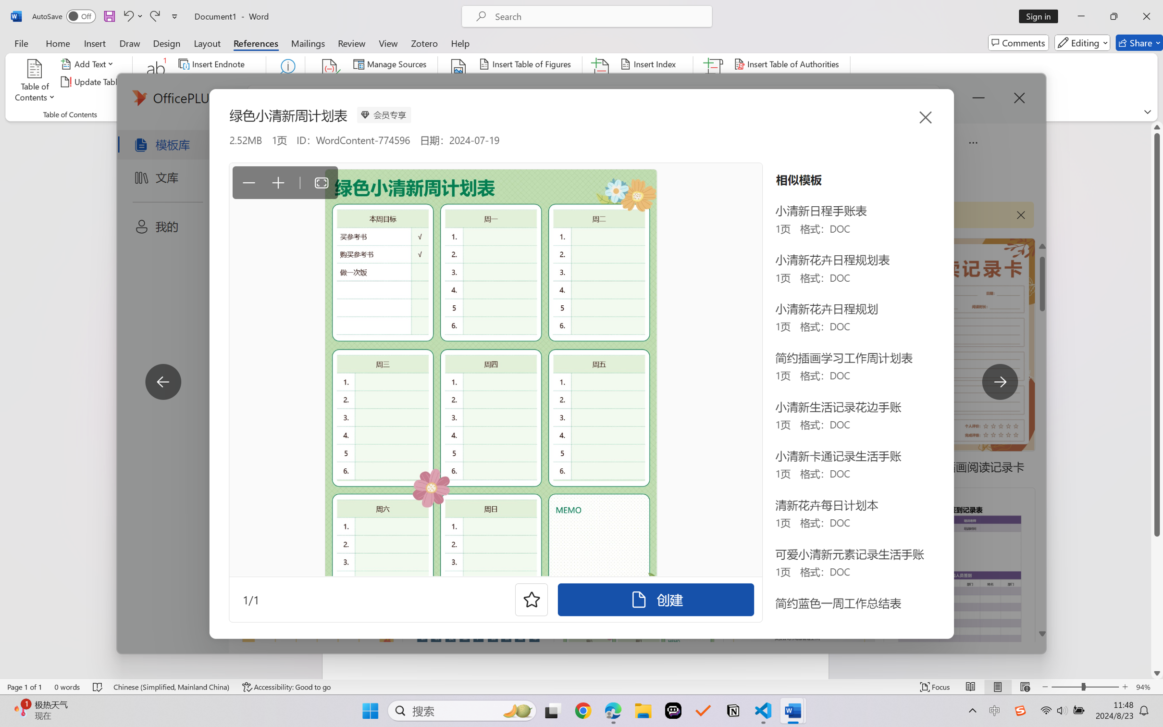  I want to click on 'Language Chinese (Simplified, Mainland China)', so click(171, 687).